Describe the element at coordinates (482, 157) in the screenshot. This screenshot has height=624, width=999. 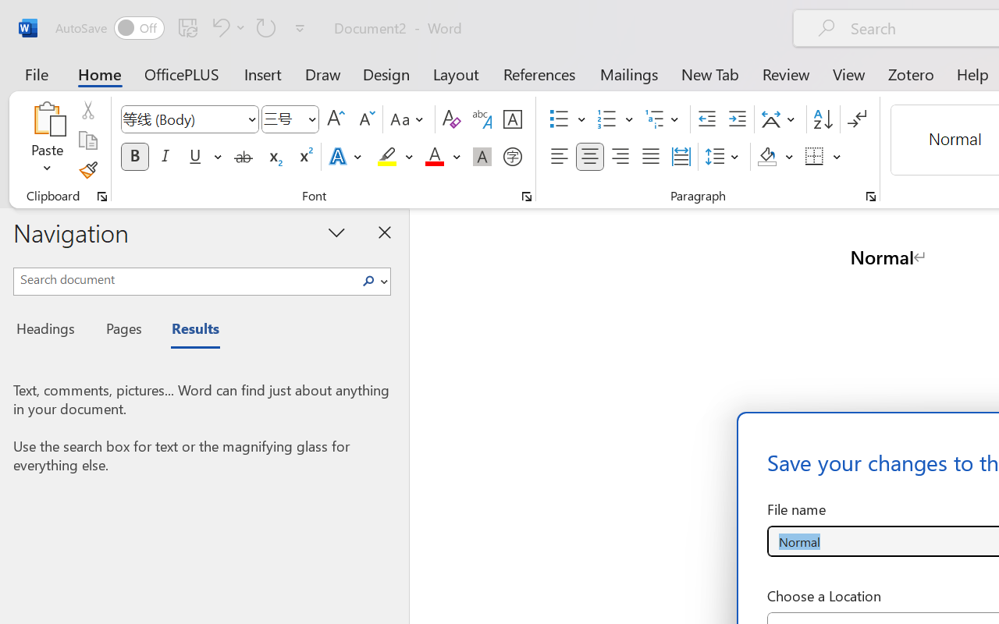
I see `'Character Shading'` at that location.